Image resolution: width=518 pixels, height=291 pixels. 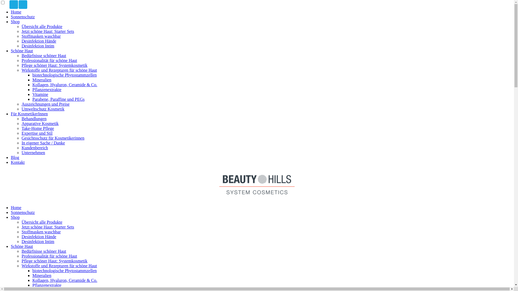 I want to click on 'Behandlungen', so click(x=22, y=118).